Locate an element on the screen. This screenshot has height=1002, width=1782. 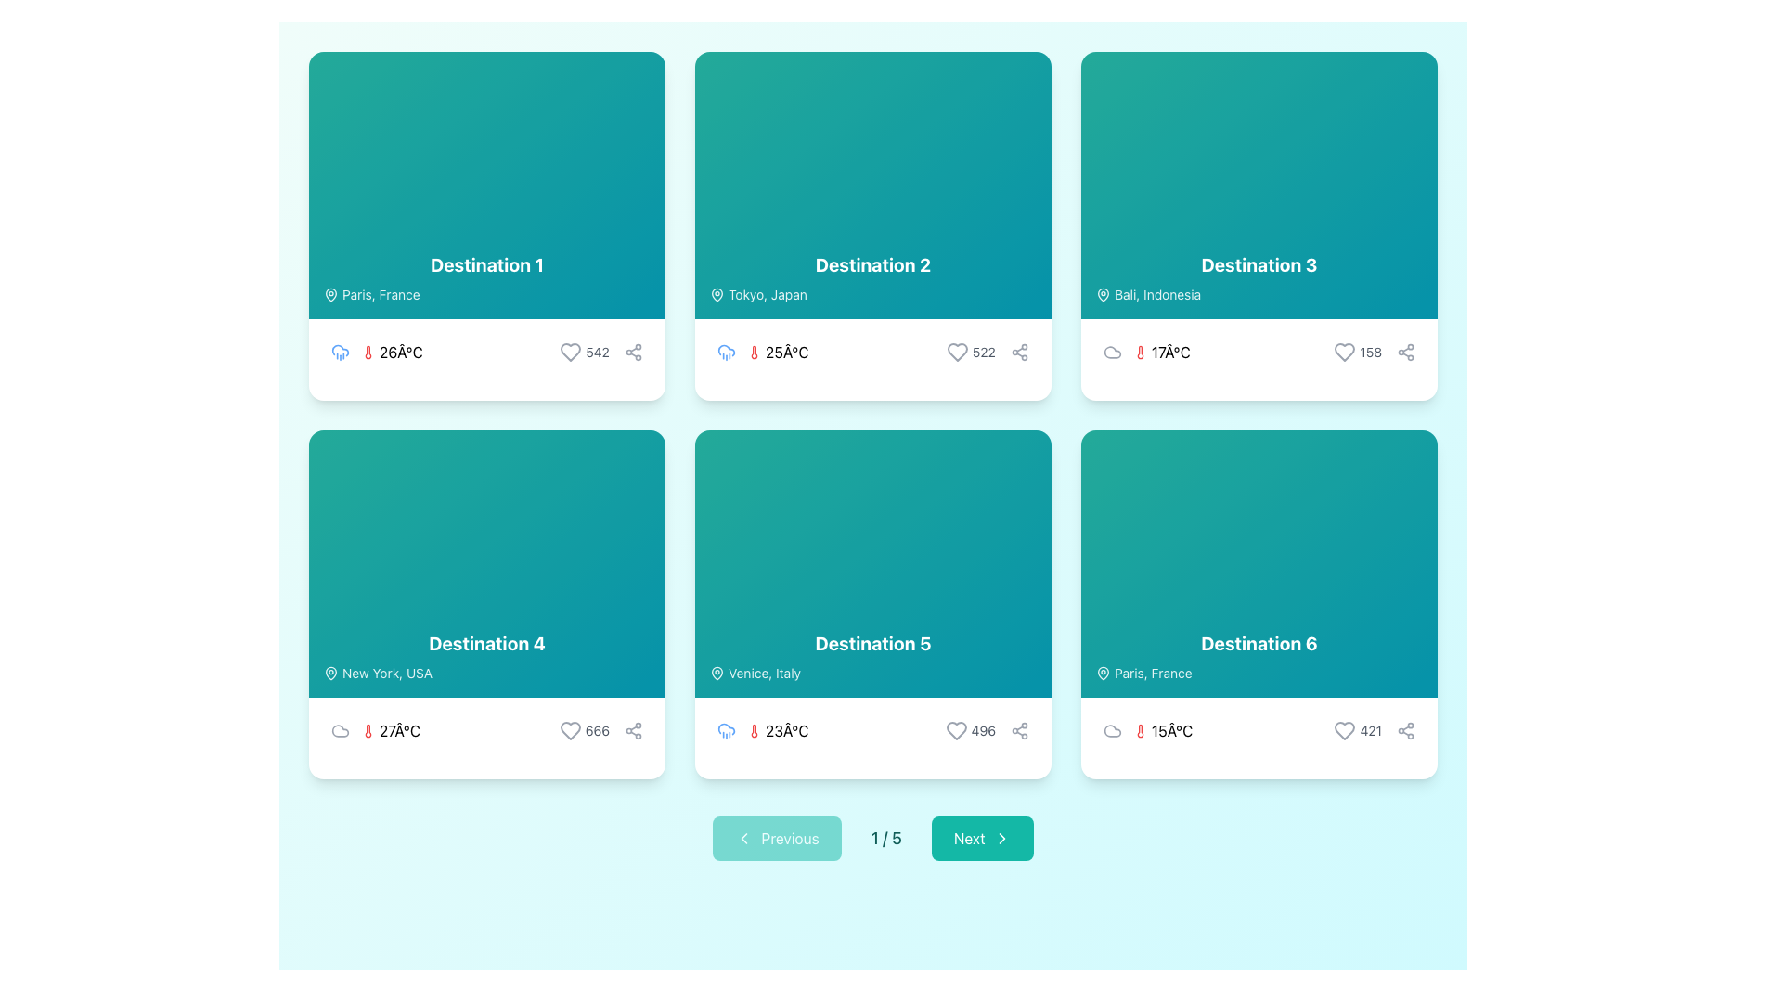
the red thermometer icon located to the left of the temperature value '26°C' in the 'Destination 1' card, situated in the top-left corner of the grid of cards is located at coordinates (368, 353).